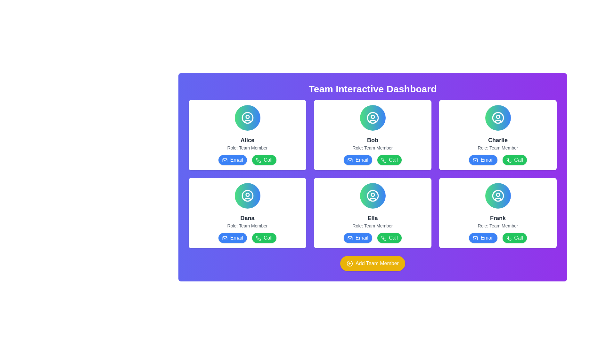  I want to click on the static text element displaying the name 'Dana' which identifies a team member within their profile card, so click(247, 218).